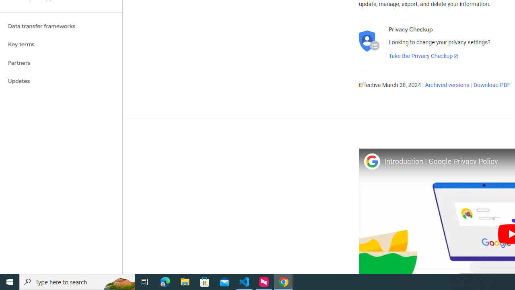 The image size is (515, 290). What do you see at coordinates (371, 161) in the screenshot?
I see `'Photo image of Google'` at bounding box center [371, 161].